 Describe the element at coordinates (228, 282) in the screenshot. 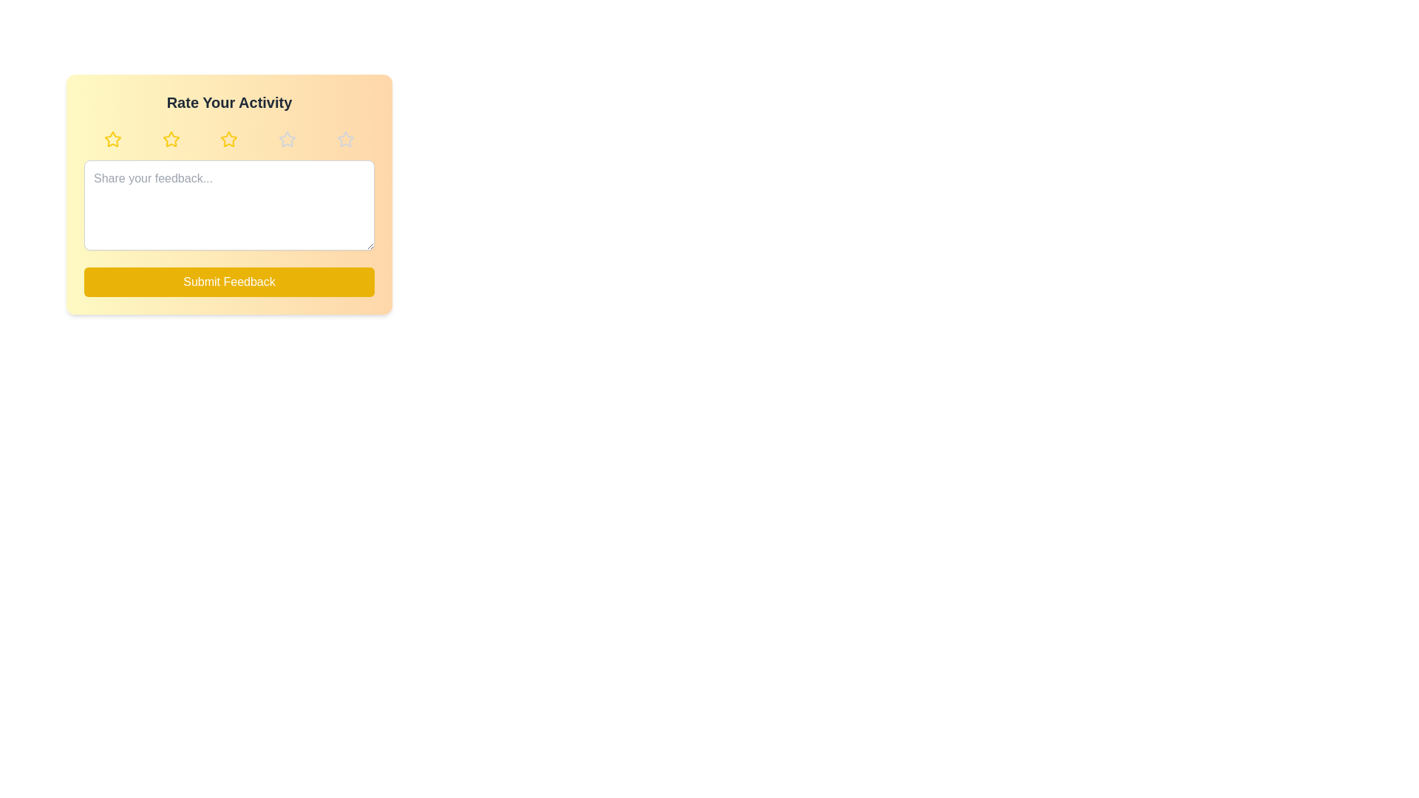

I see `'Submit Feedback' button to submit the feedback form` at that location.